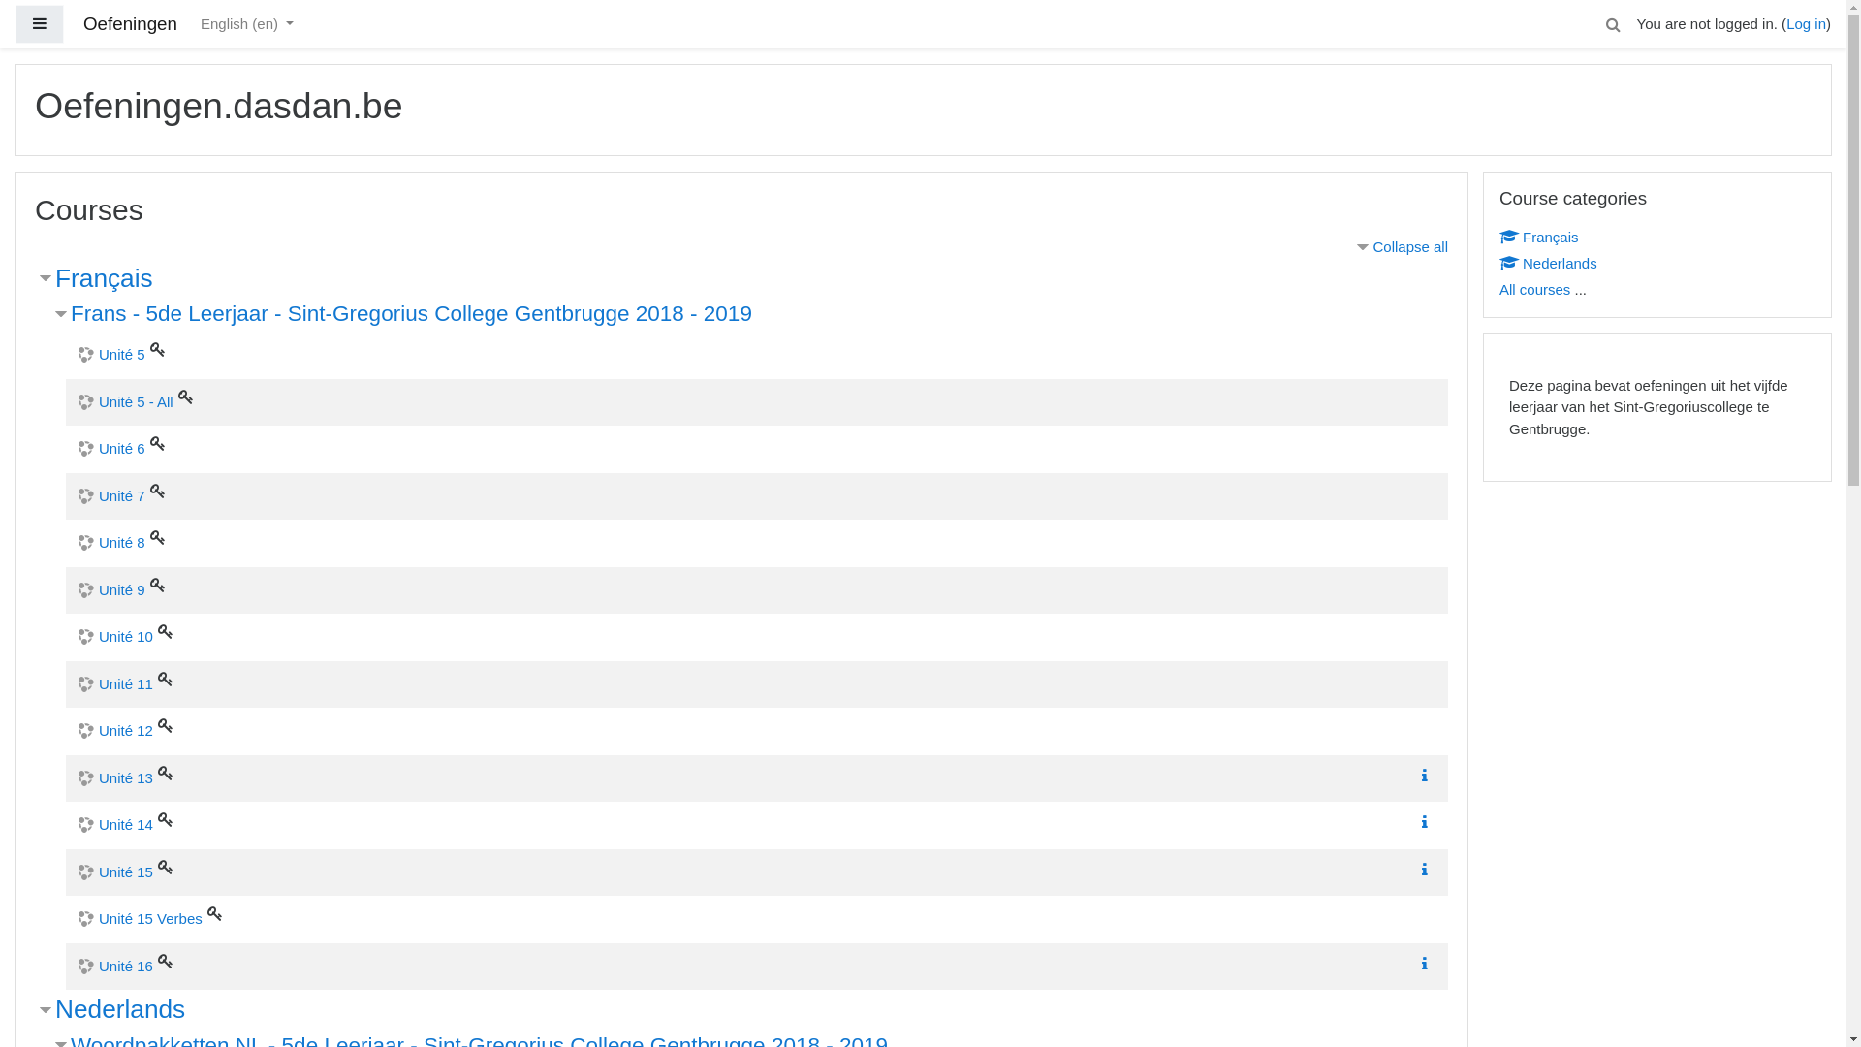  What do you see at coordinates (1428, 775) in the screenshot?
I see `'Summary'` at bounding box center [1428, 775].